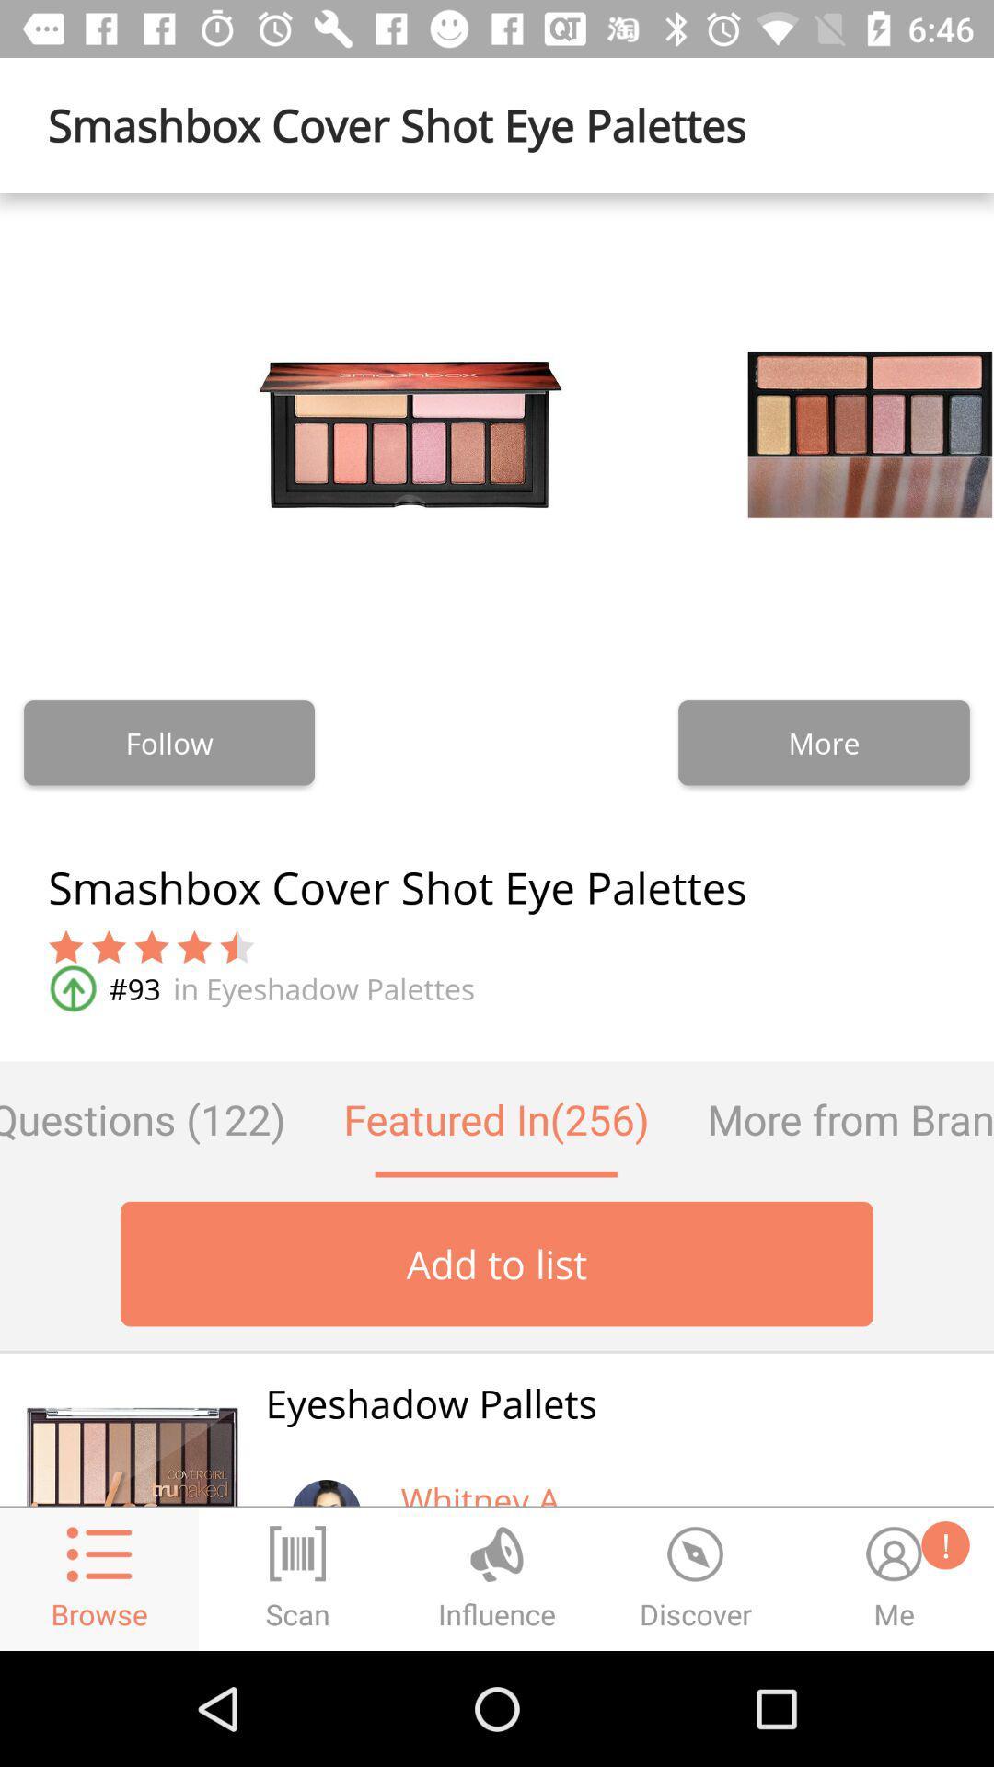 The width and height of the screenshot is (994, 1767). I want to click on the item above the add to list item, so click(836, 1118).